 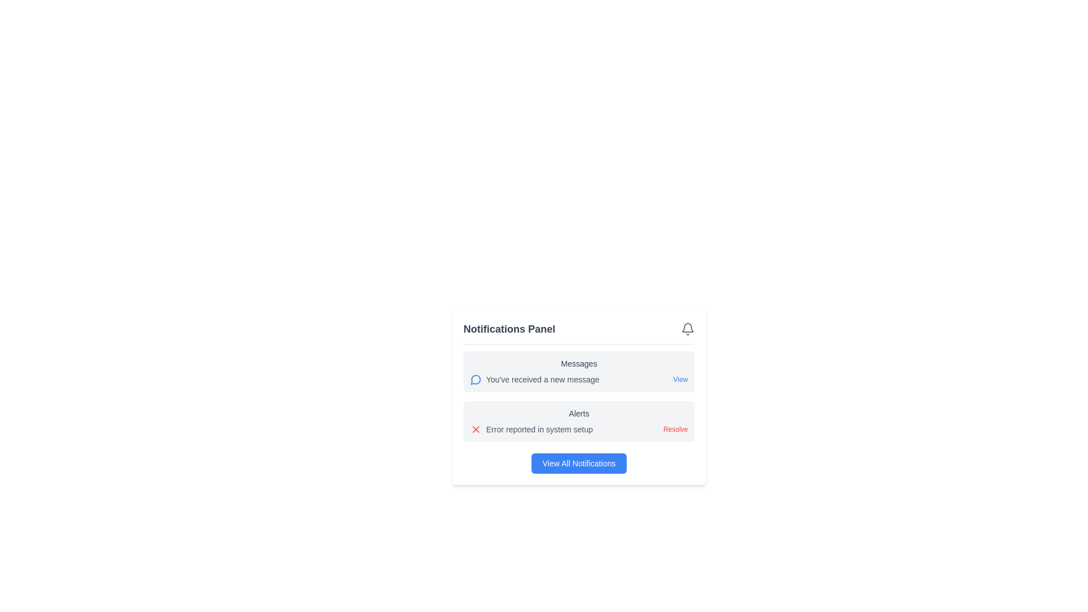 I want to click on the 'View All Notifications' button, which has a blue rectangular background with rounded corners and white text, located at the bottom of the notification panel, so click(x=579, y=463).